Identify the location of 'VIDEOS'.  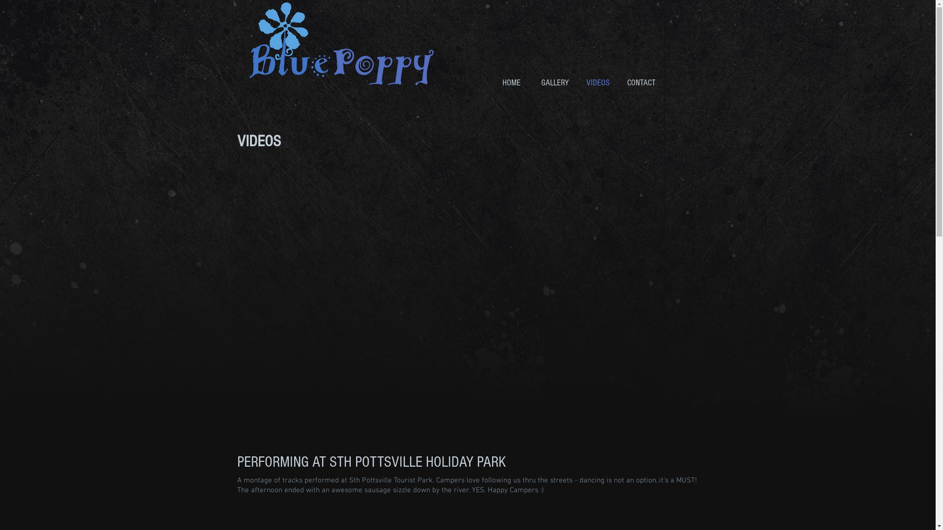
(598, 82).